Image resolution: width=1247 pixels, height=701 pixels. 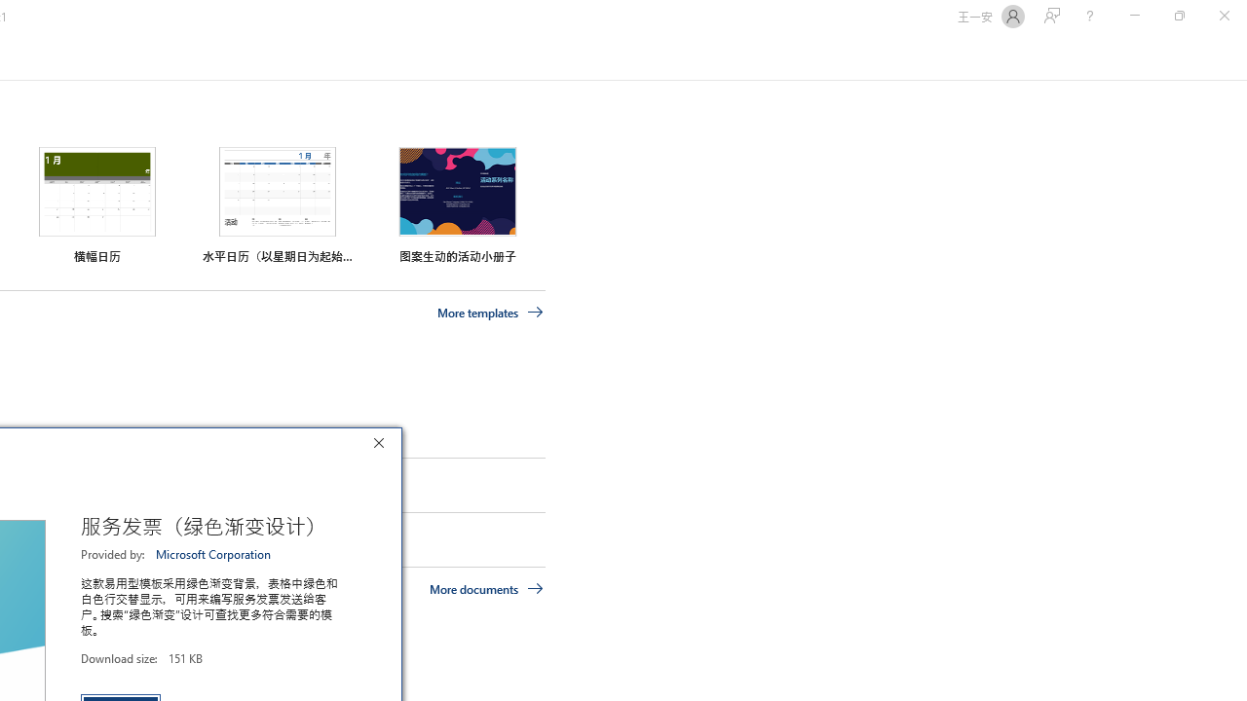 I want to click on 'Help', so click(x=1088, y=16).